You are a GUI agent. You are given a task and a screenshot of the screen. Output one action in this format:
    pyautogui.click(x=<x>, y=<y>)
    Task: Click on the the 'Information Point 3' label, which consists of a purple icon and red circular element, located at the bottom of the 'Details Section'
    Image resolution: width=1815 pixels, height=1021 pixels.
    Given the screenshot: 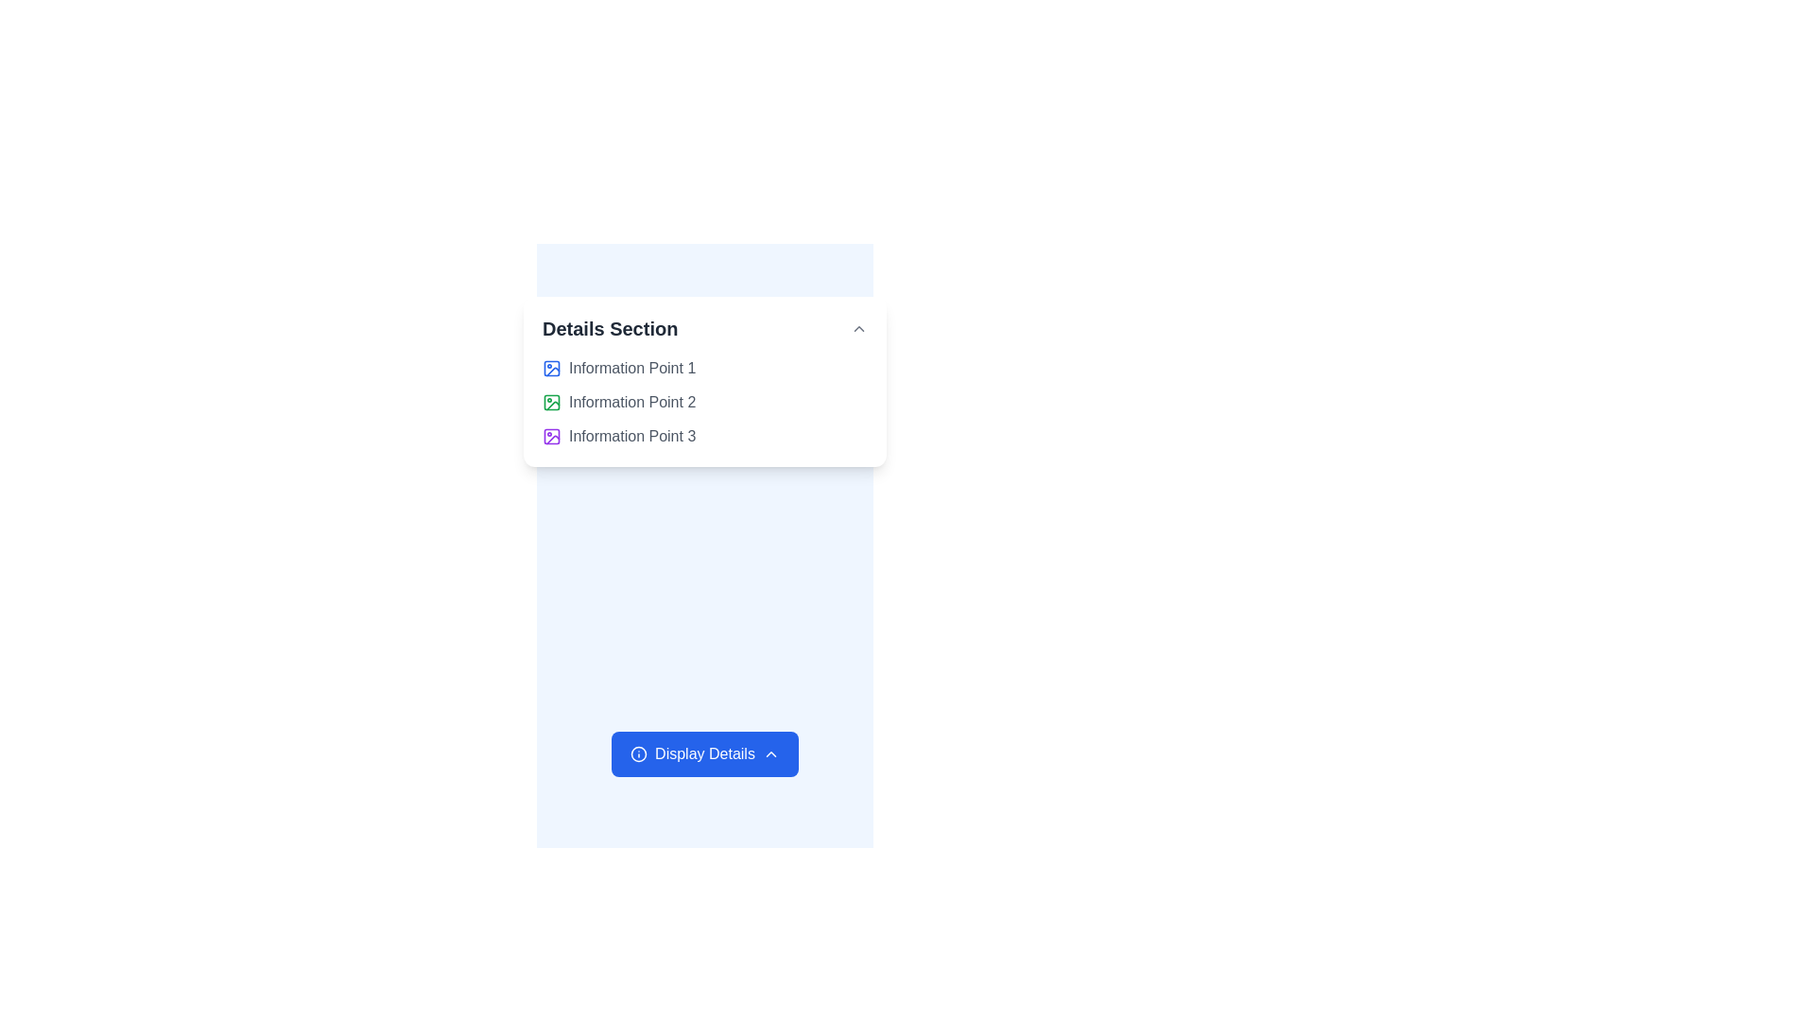 What is the action you would take?
    pyautogui.click(x=703, y=437)
    